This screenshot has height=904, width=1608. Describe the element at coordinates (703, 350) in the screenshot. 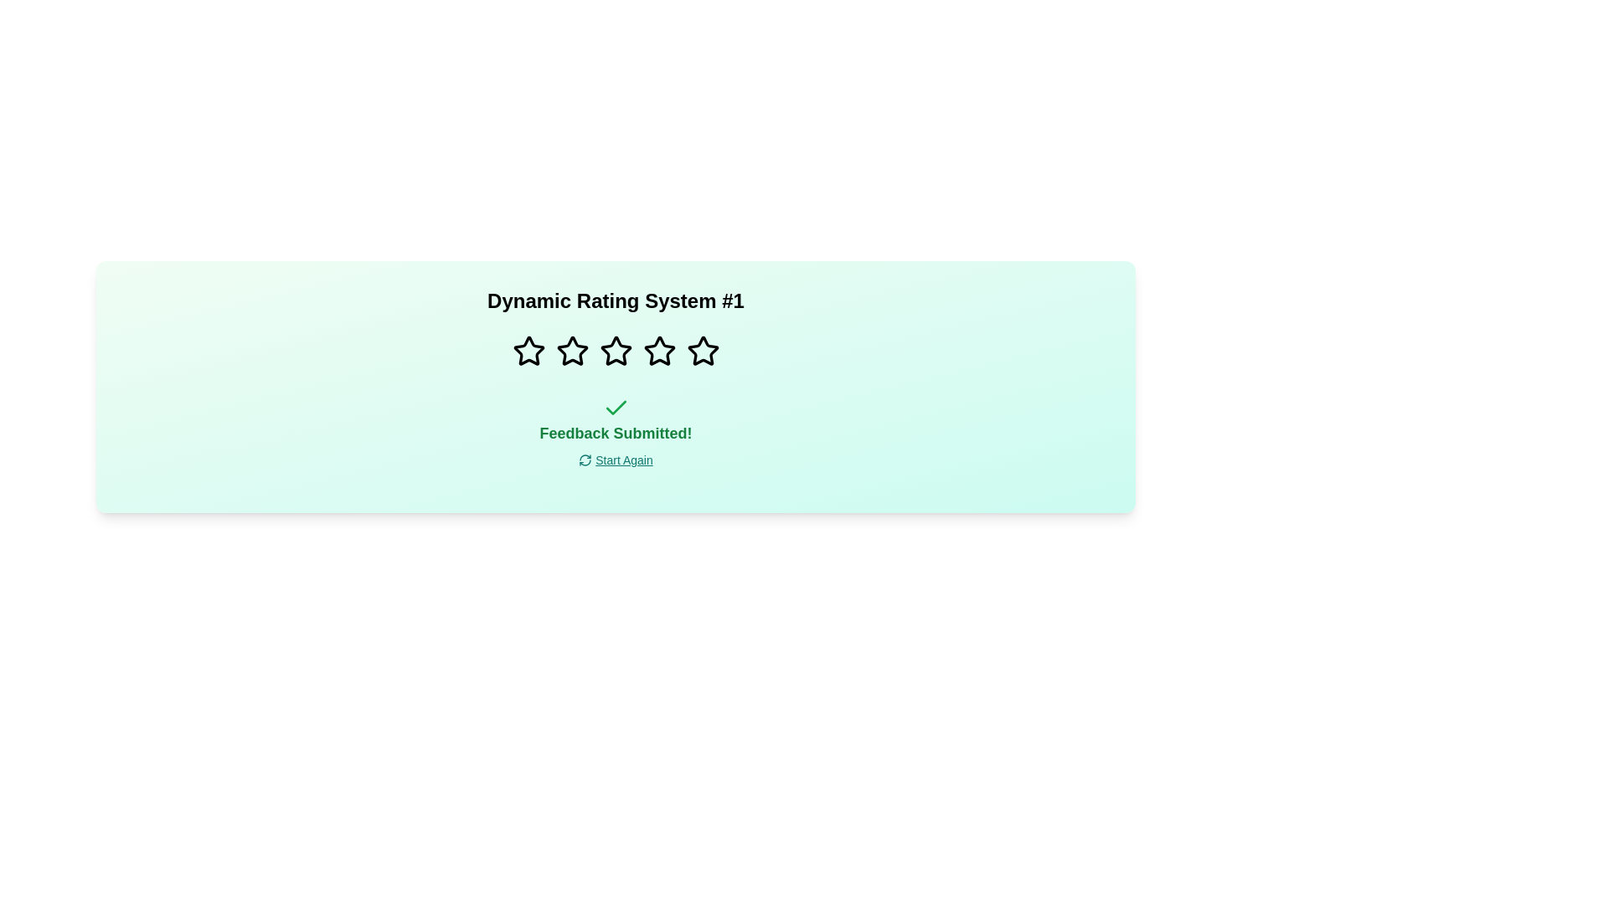

I see `the fifth star icon in the rating system, which is located beneath the title 'Dynamic Rating System #1' and above the text 'Feedback Submitted!'` at that location.